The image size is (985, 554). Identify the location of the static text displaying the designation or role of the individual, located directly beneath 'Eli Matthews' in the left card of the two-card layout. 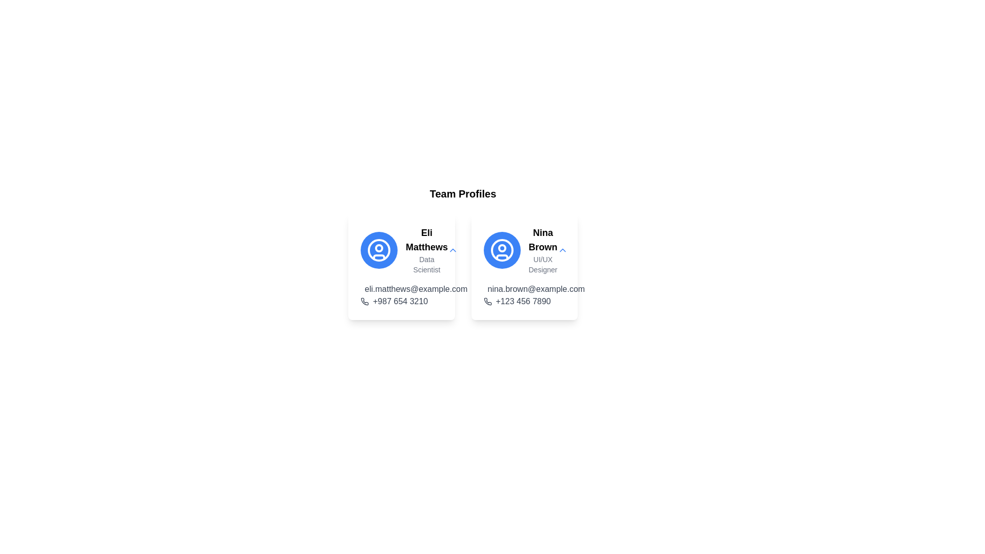
(426, 264).